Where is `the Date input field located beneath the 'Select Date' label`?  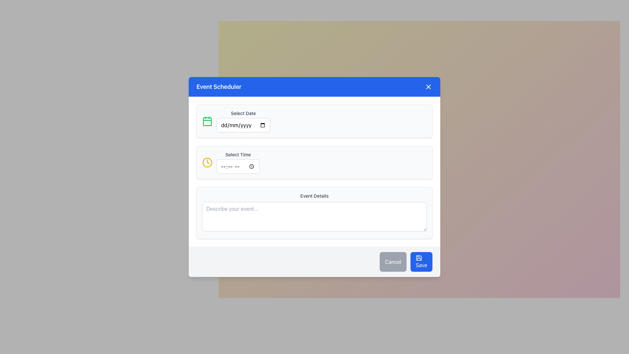
the Date input field located beneath the 'Select Date' label is located at coordinates (243, 125).